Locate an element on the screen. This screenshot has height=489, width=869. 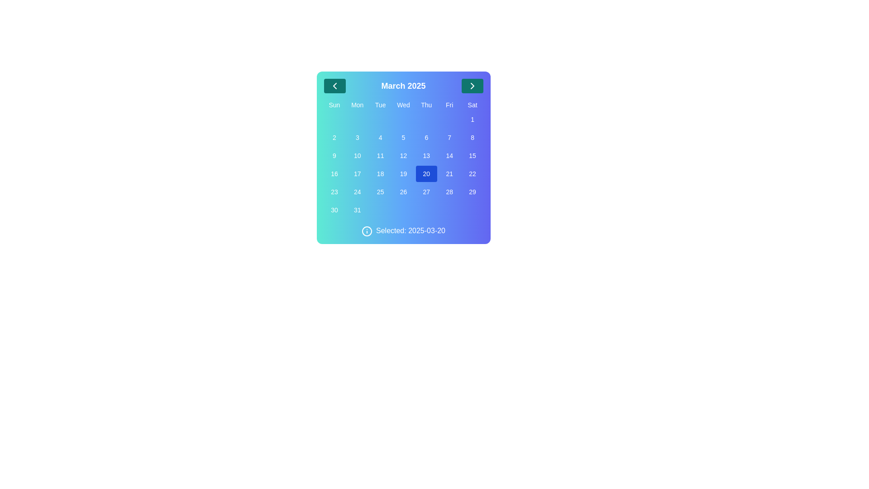
the interactive calendar day button labeled '19' with a blue background is located at coordinates (403, 174).